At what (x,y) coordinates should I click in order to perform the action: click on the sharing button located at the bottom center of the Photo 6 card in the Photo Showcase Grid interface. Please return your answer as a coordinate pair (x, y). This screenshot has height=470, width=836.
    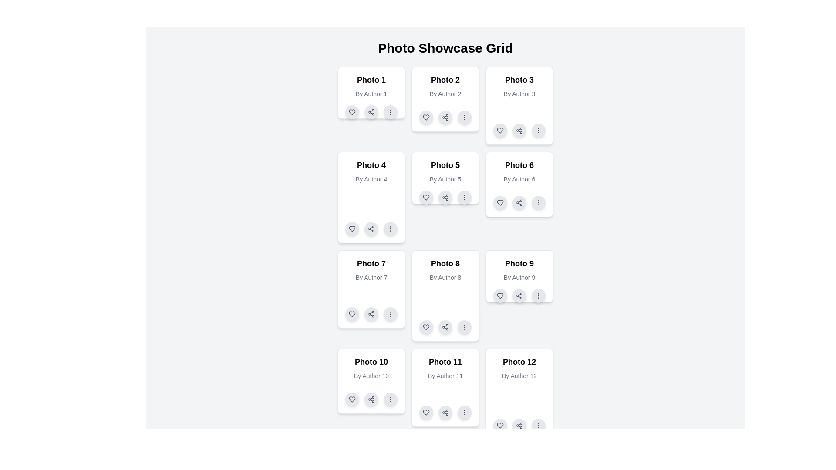
    Looking at the image, I should click on (519, 203).